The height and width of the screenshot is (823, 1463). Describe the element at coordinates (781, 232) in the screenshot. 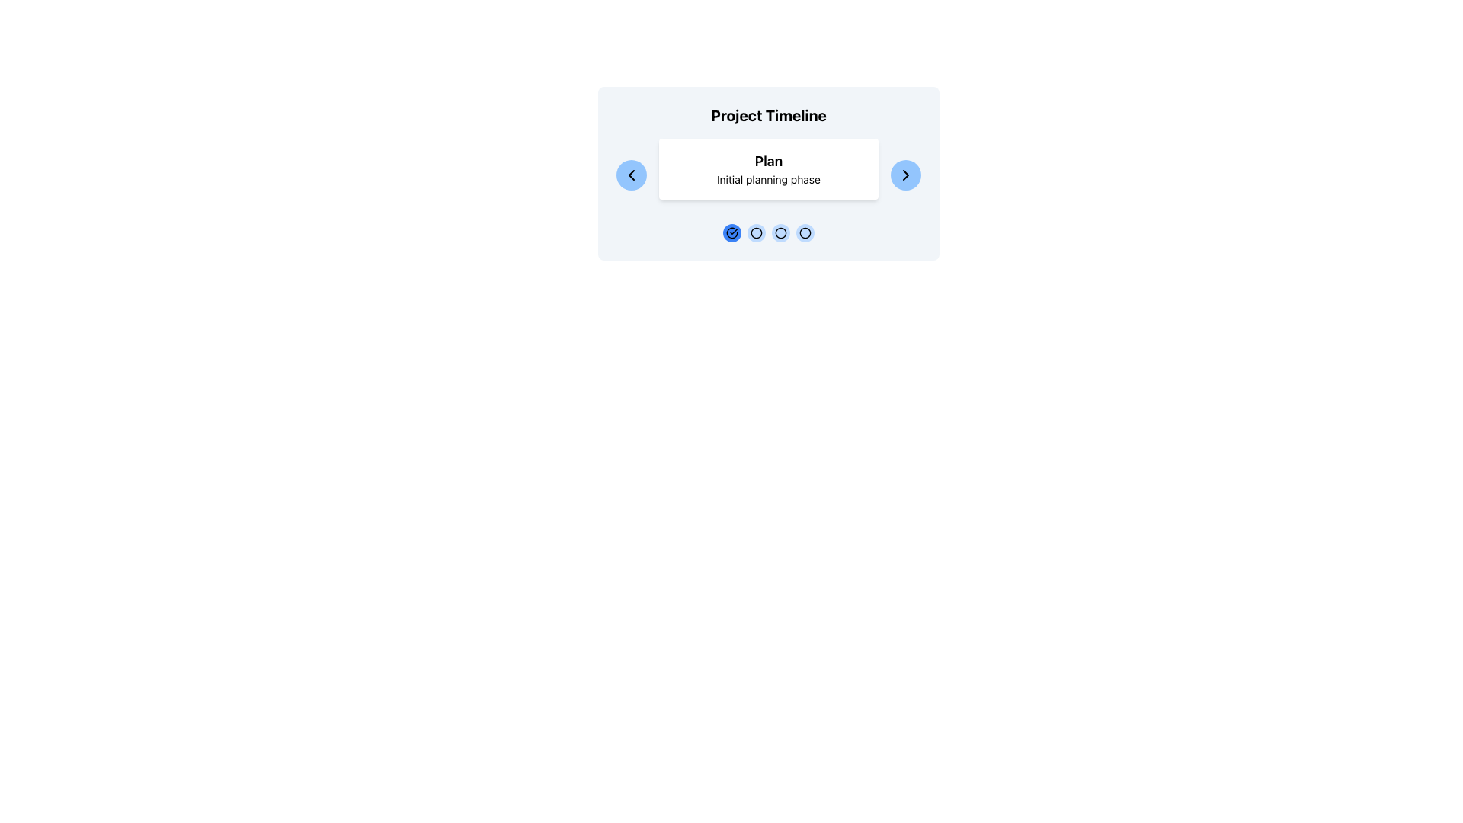

I see `the third circular button in the row of navigational icons located at the bottom area of the layout, directly below the 'Plan' card` at that location.